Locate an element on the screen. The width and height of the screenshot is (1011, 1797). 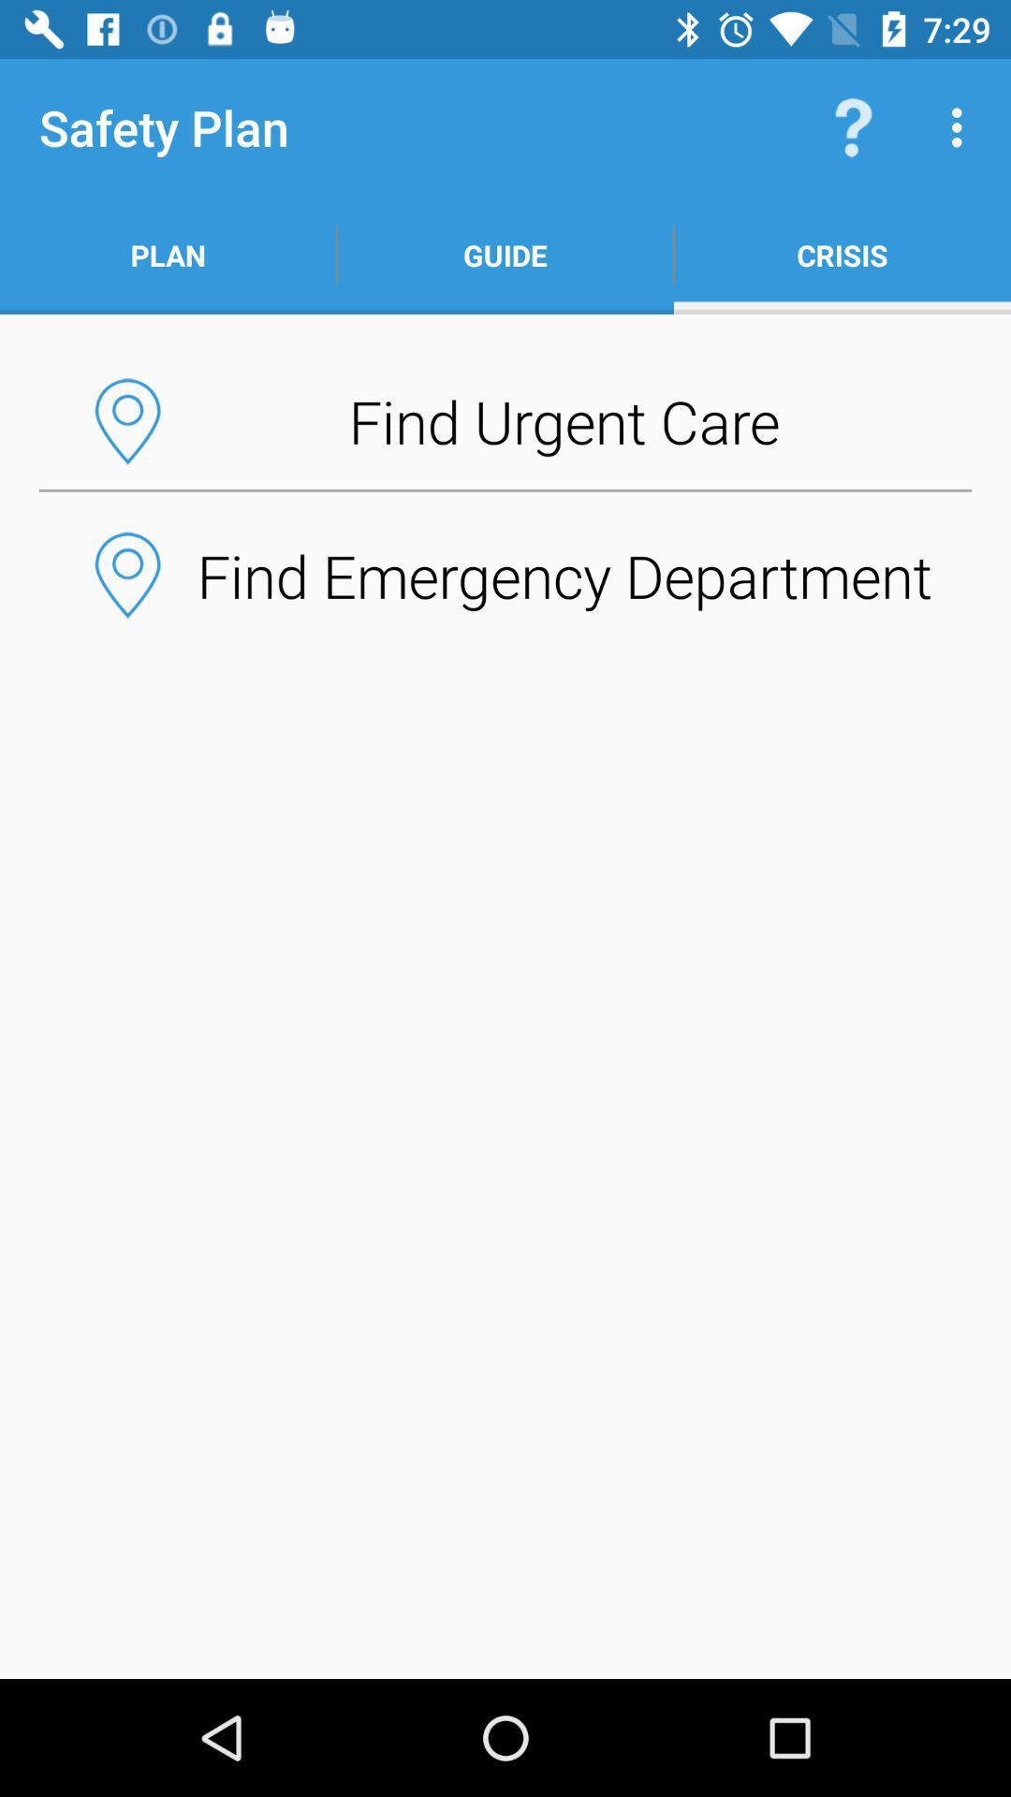
the item above the crisis is located at coordinates (961, 126).